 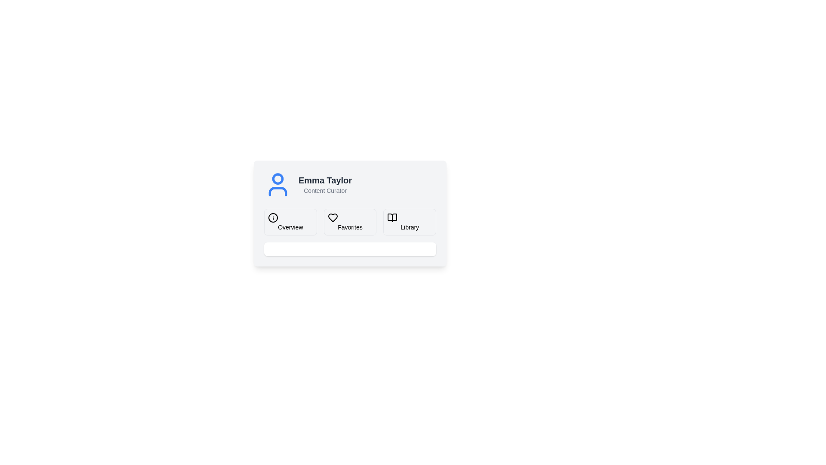 I want to click on the Library icon, which is the third button among the buttons labeled 'Overview', 'Favorites', and 'Library', so click(x=392, y=217).